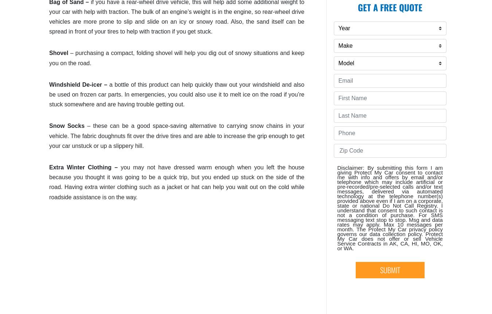 The image size is (492, 314). What do you see at coordinates (390, 270) in the screenshot?
I see `'SUBMIT'` at bounding box center [390, 270].